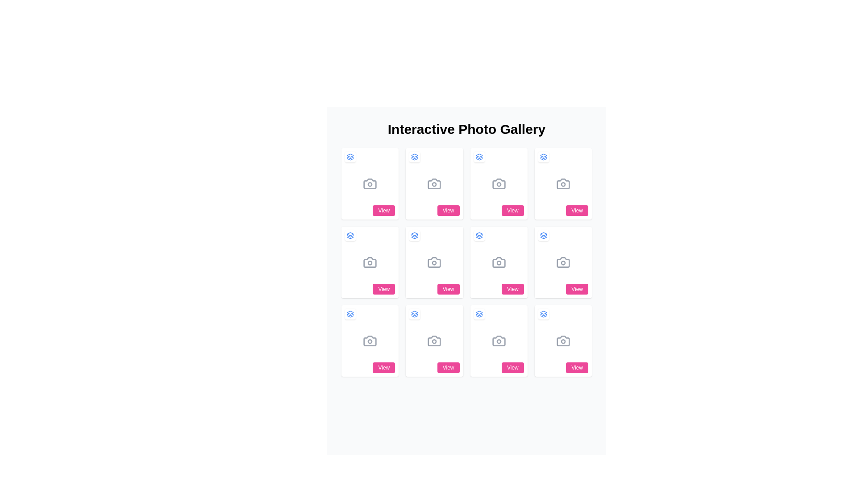 The image size is (857, 482). I want to click on the camera icon located in the last card of the fourth row in the photo gallery interface, so click(562, 341).